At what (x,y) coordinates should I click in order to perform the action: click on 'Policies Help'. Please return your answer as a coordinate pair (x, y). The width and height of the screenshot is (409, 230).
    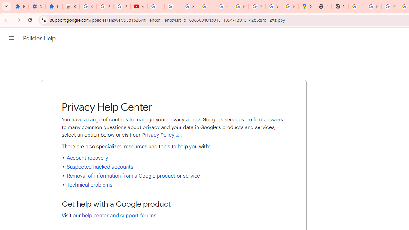
    Looking at the image, I should click on (39, 38).